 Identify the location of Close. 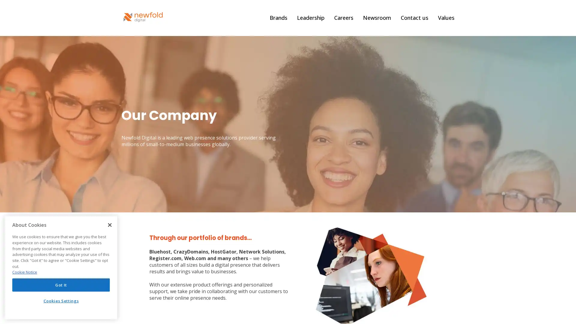
(109, 225).